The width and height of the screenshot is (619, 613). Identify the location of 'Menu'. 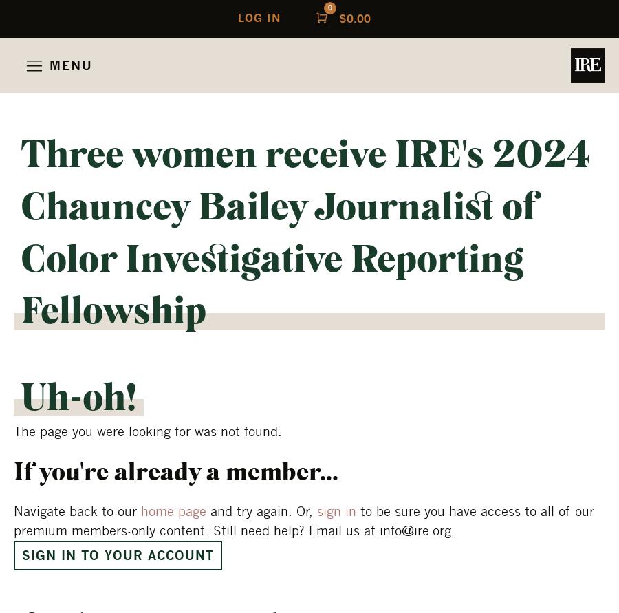
(70, 64).